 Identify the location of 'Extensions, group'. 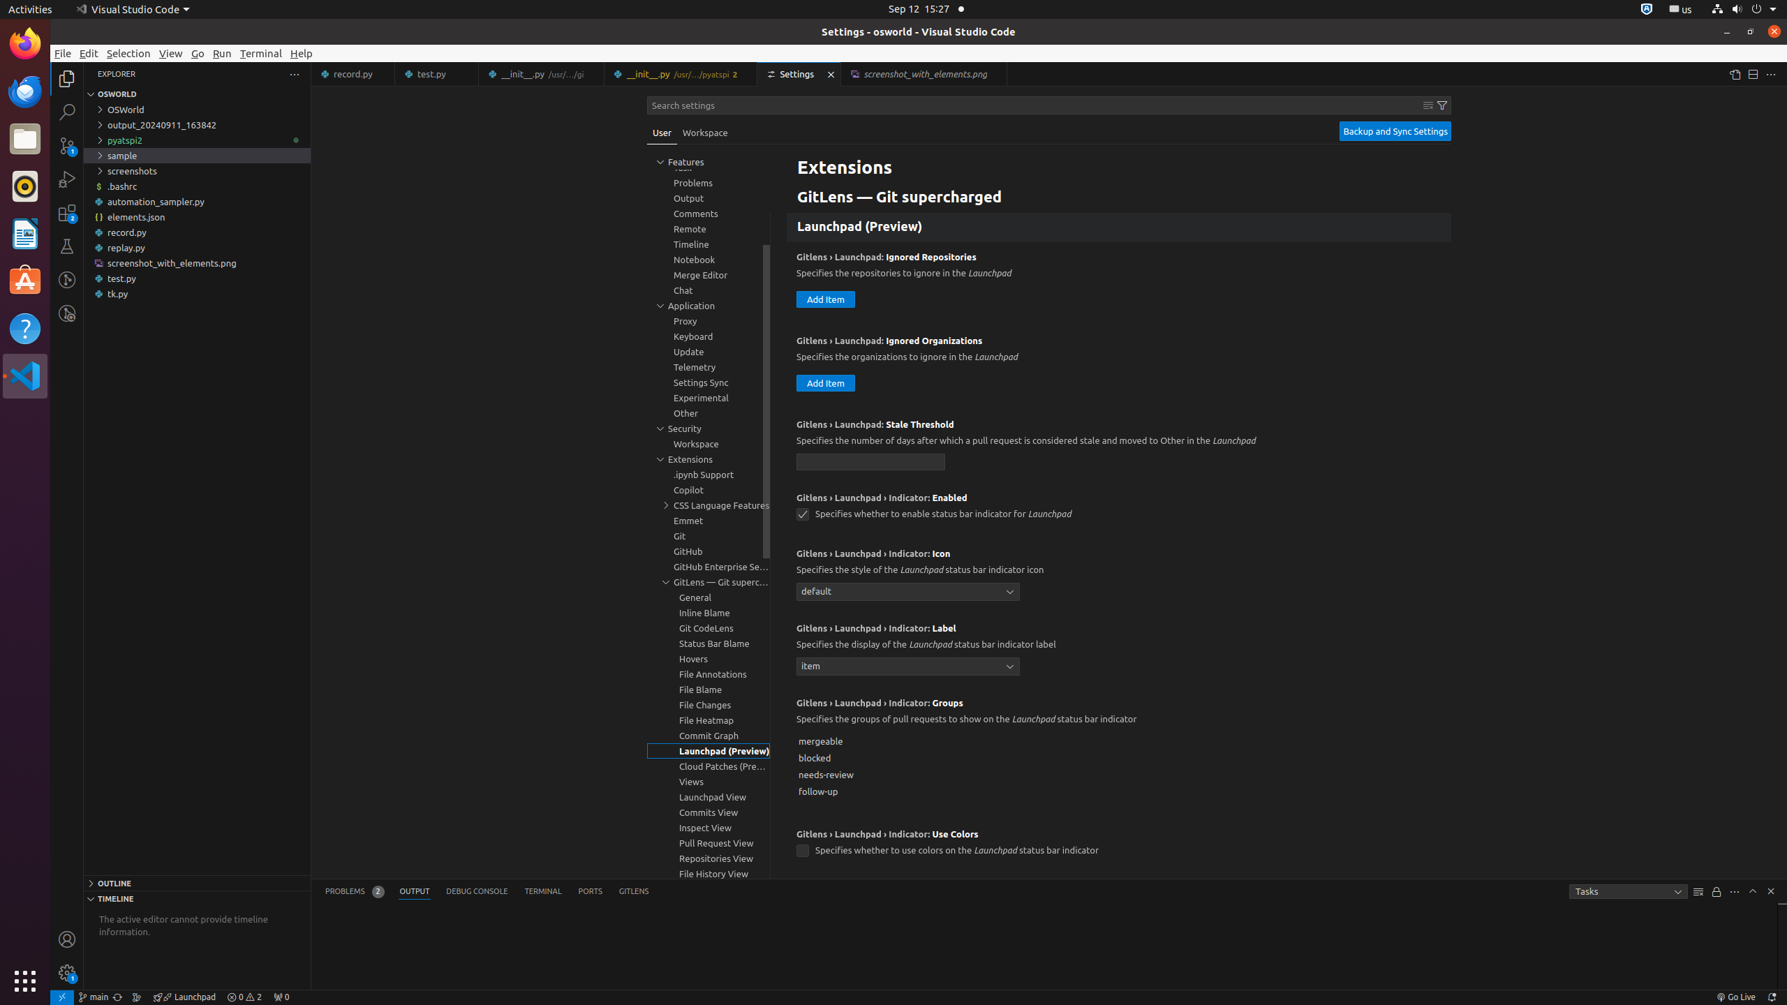
(709, 458).